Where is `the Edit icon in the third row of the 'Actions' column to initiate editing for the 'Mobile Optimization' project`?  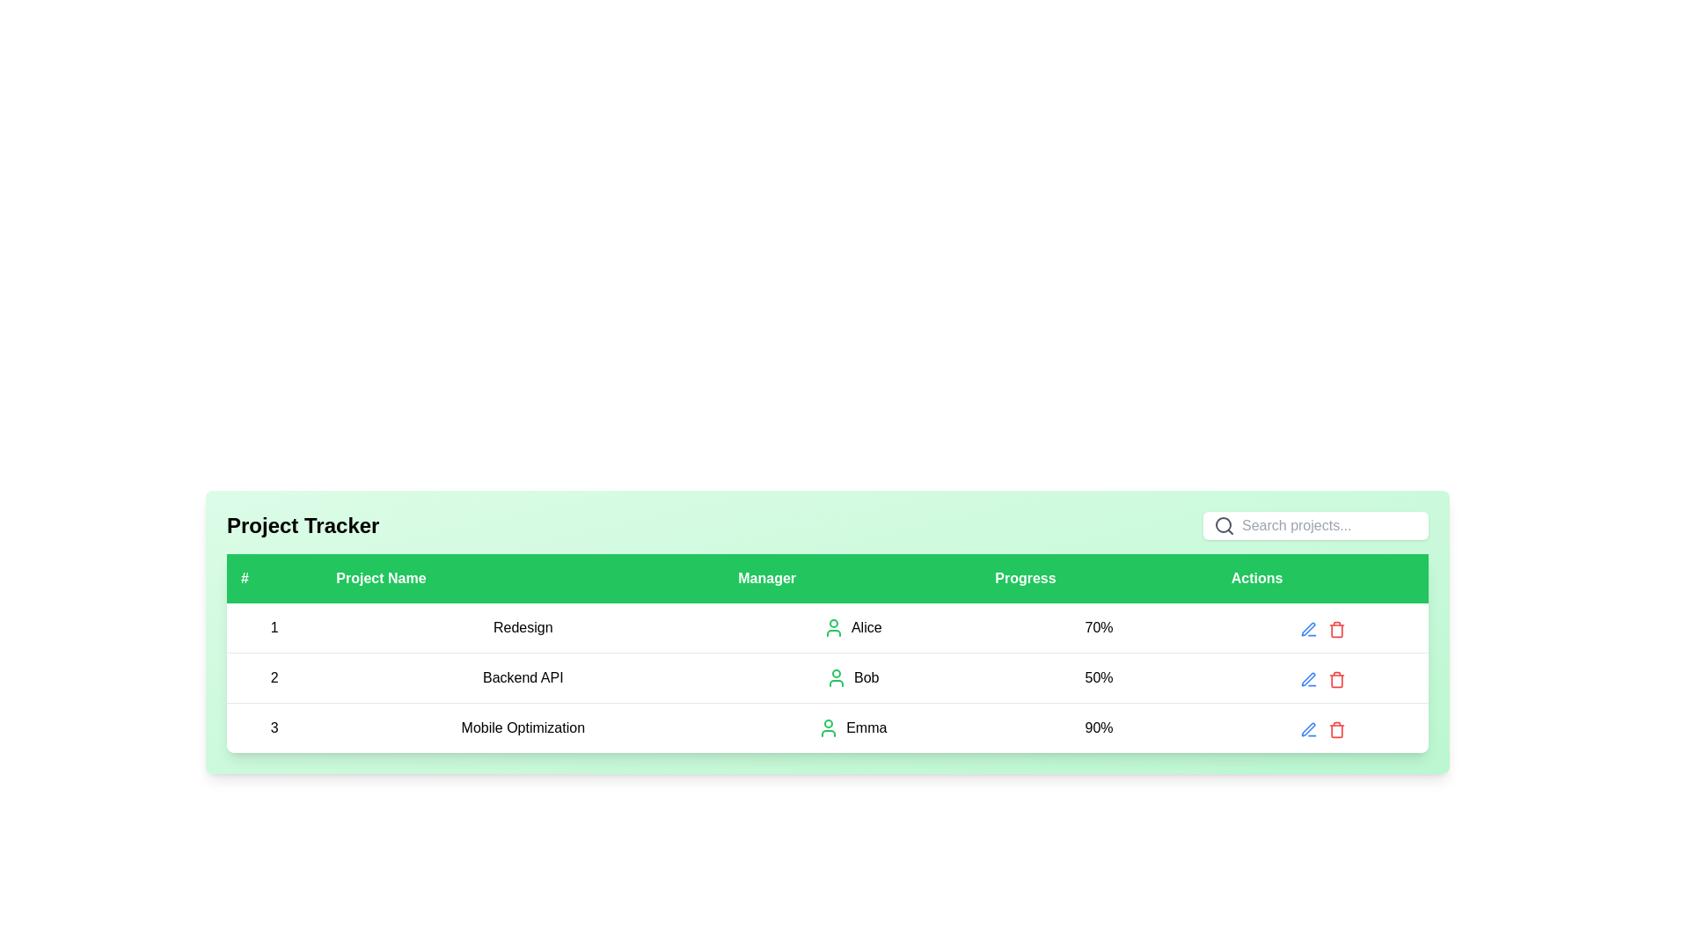 the Edit icon in the third row of the 'Actions' column to initiate editing for the 'Mobile Optimization' project is located at coordinates (1308, 628).